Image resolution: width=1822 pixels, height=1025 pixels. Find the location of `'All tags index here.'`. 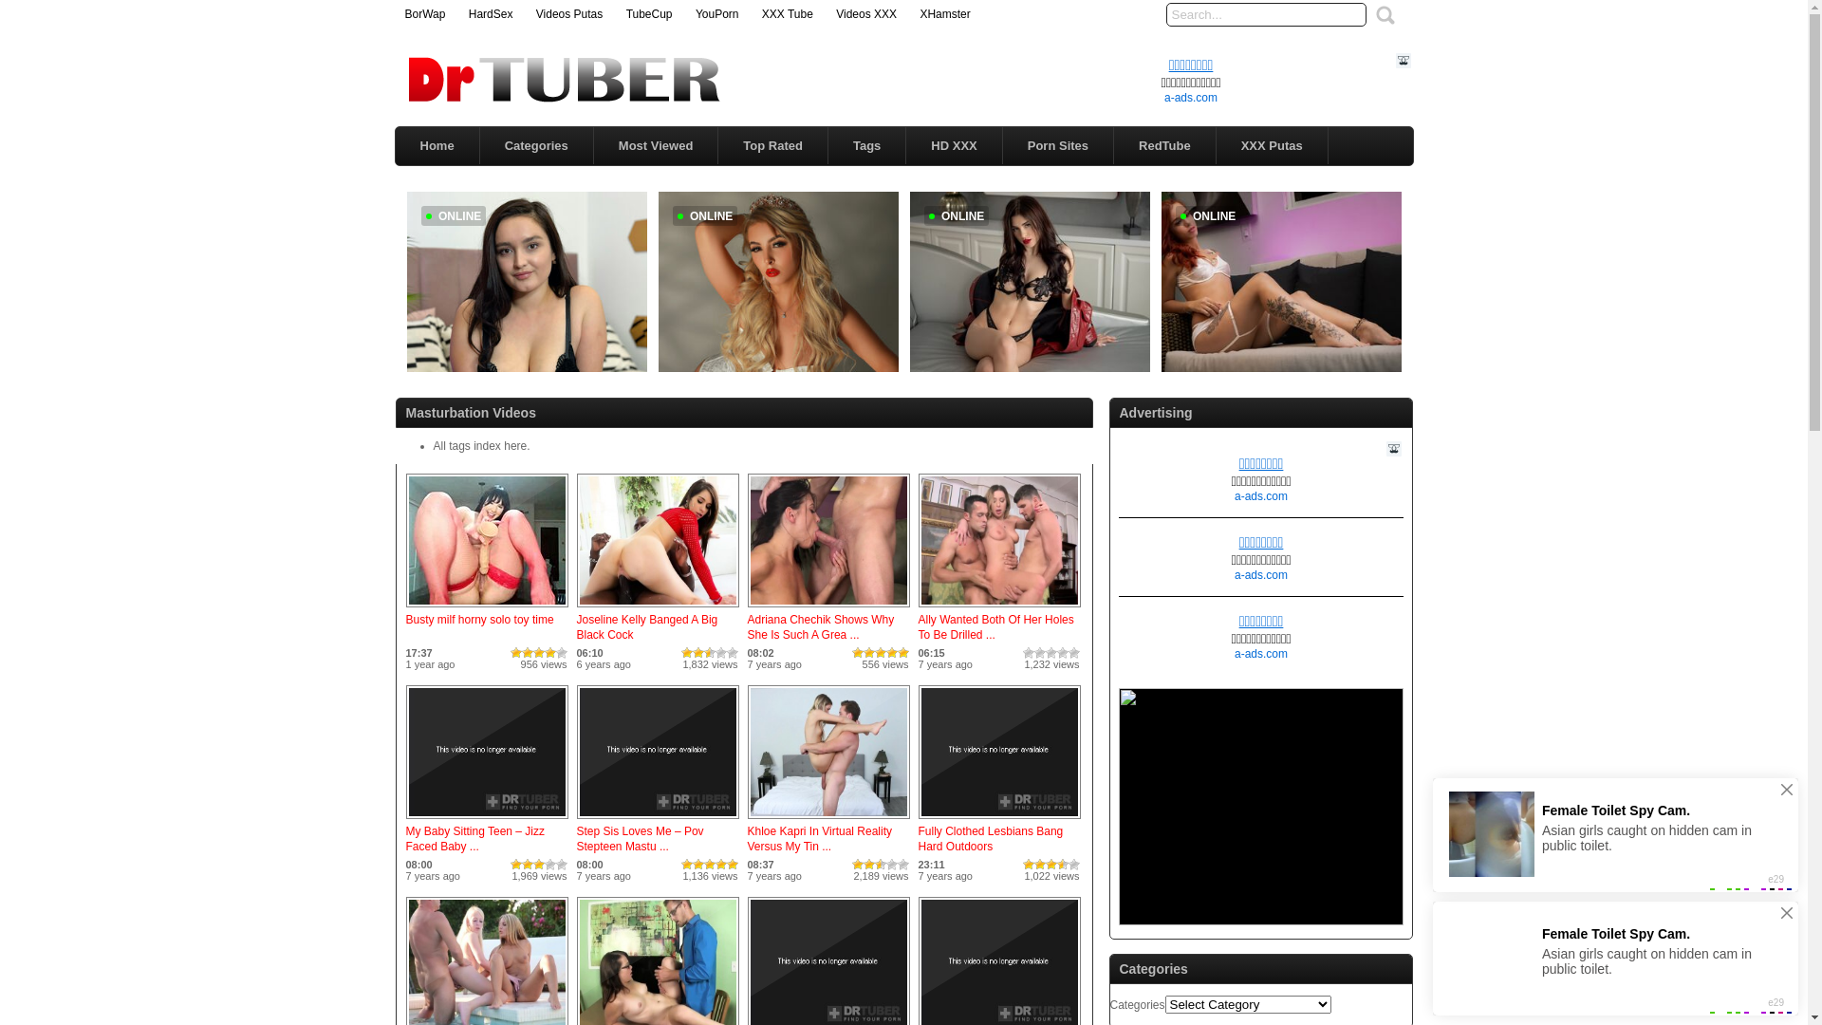

'All tags index here.' is located at coordinates (481, 446).